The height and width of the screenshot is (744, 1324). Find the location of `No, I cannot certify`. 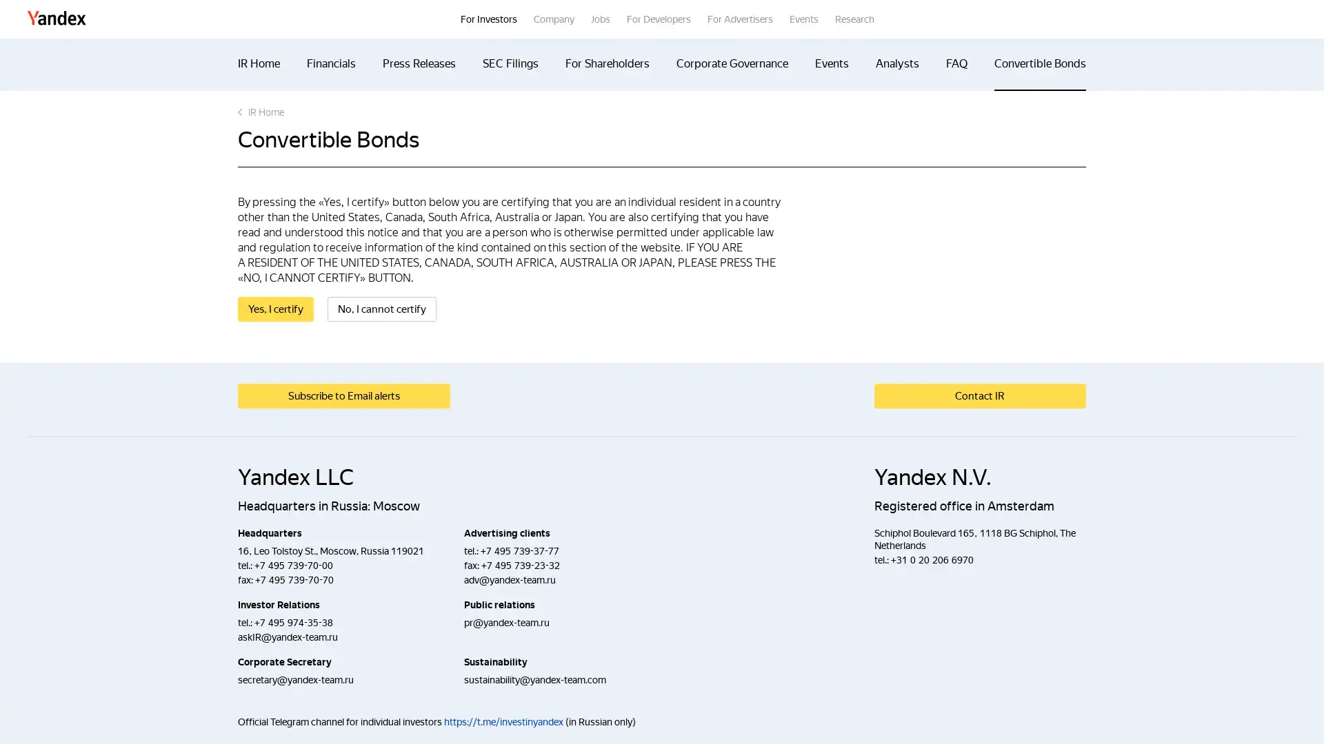

No, I cannot certify is located at coordinates (381, 308).